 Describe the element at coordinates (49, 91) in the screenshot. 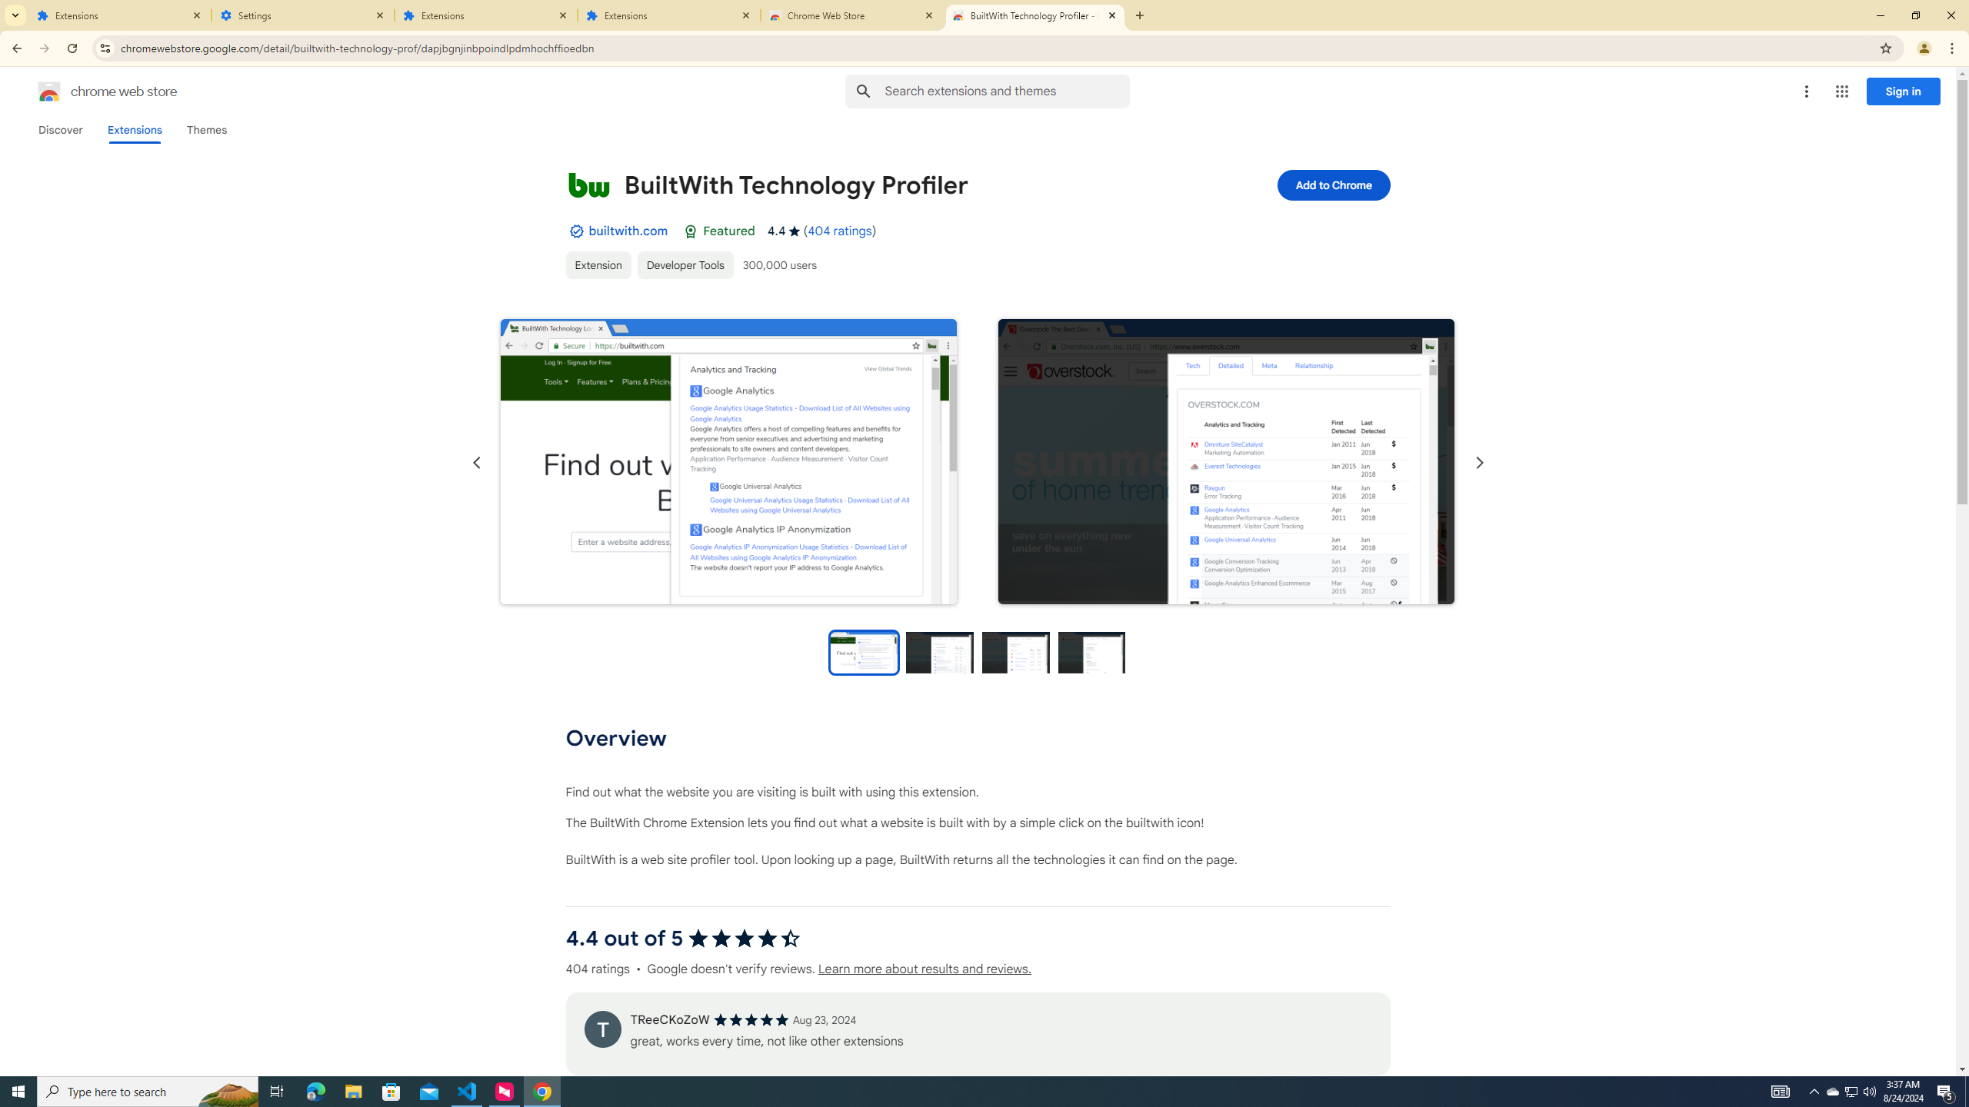

I see `'Chrome Web Store logo'` at that location.